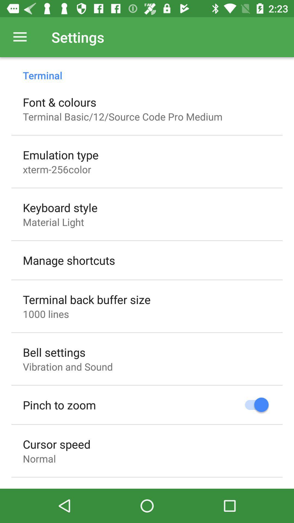 The height and width of the screenshot is (523, 294). Describe the element at coordinates (57, 169) in the screenshot. I see `the xterm-256color item` at that location.